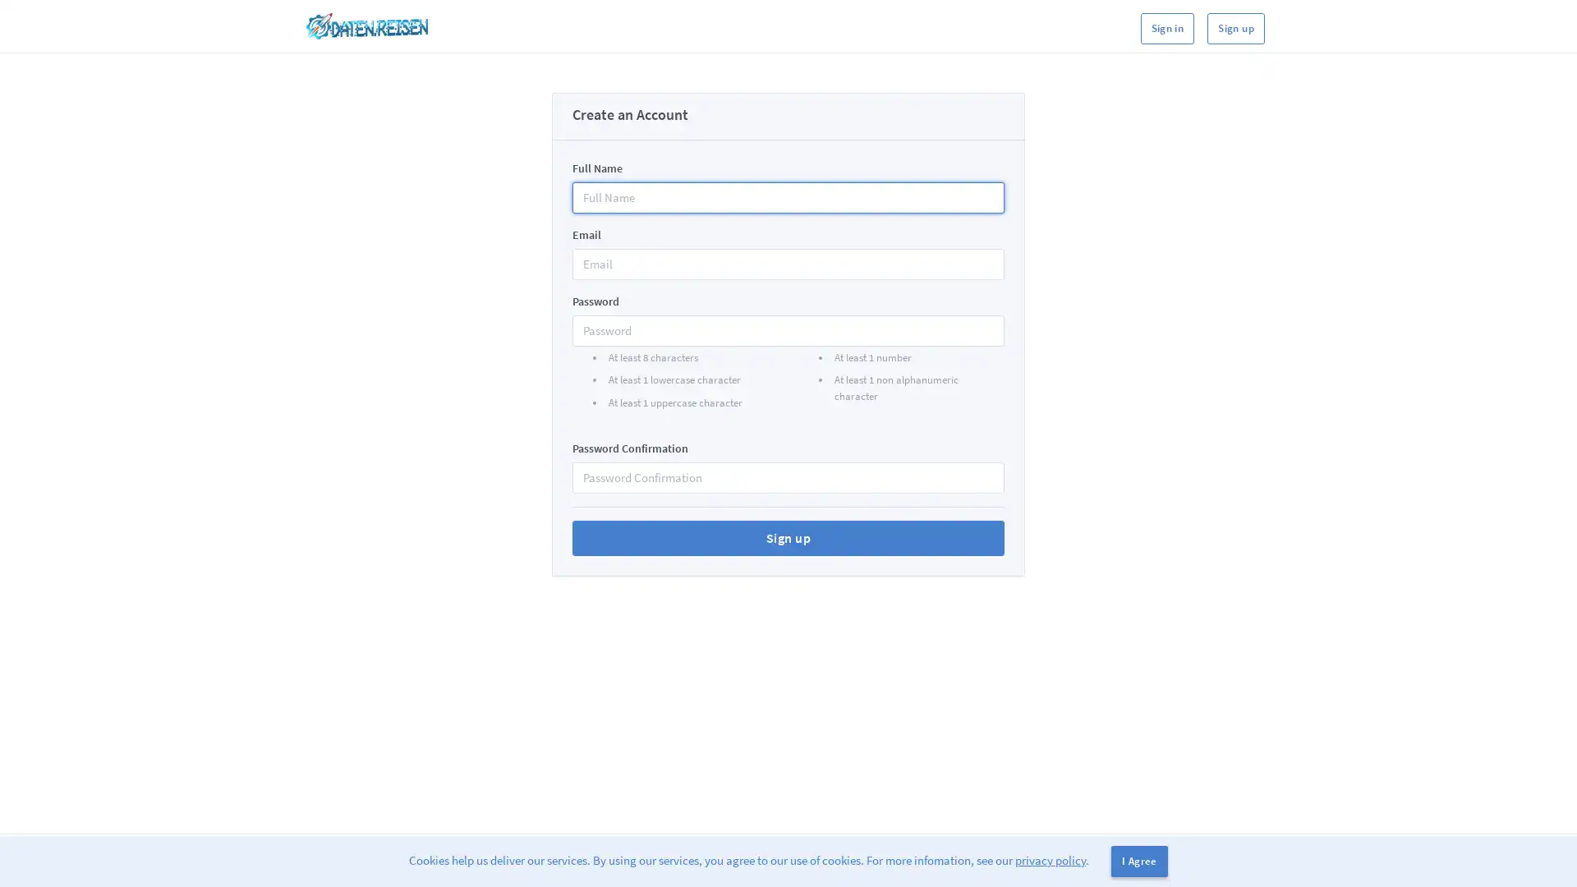 This screenshot has width=1577, height=887. Describe the element at coordinates (1138, 861) in the screenshot. I see `I Agree` at that location.